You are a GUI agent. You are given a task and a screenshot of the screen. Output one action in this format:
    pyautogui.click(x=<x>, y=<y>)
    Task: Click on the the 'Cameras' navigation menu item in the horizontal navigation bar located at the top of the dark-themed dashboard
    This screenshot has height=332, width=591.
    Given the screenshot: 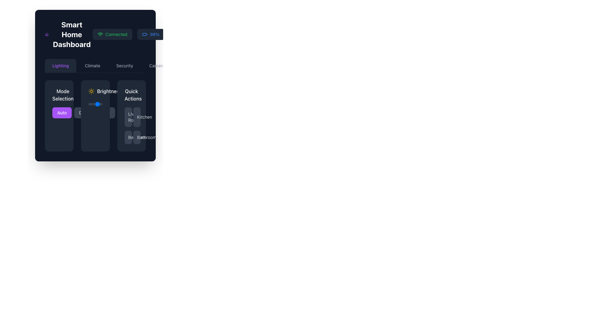 What is the action you would take?
    pyautogui.click(x=158, y=65)
    